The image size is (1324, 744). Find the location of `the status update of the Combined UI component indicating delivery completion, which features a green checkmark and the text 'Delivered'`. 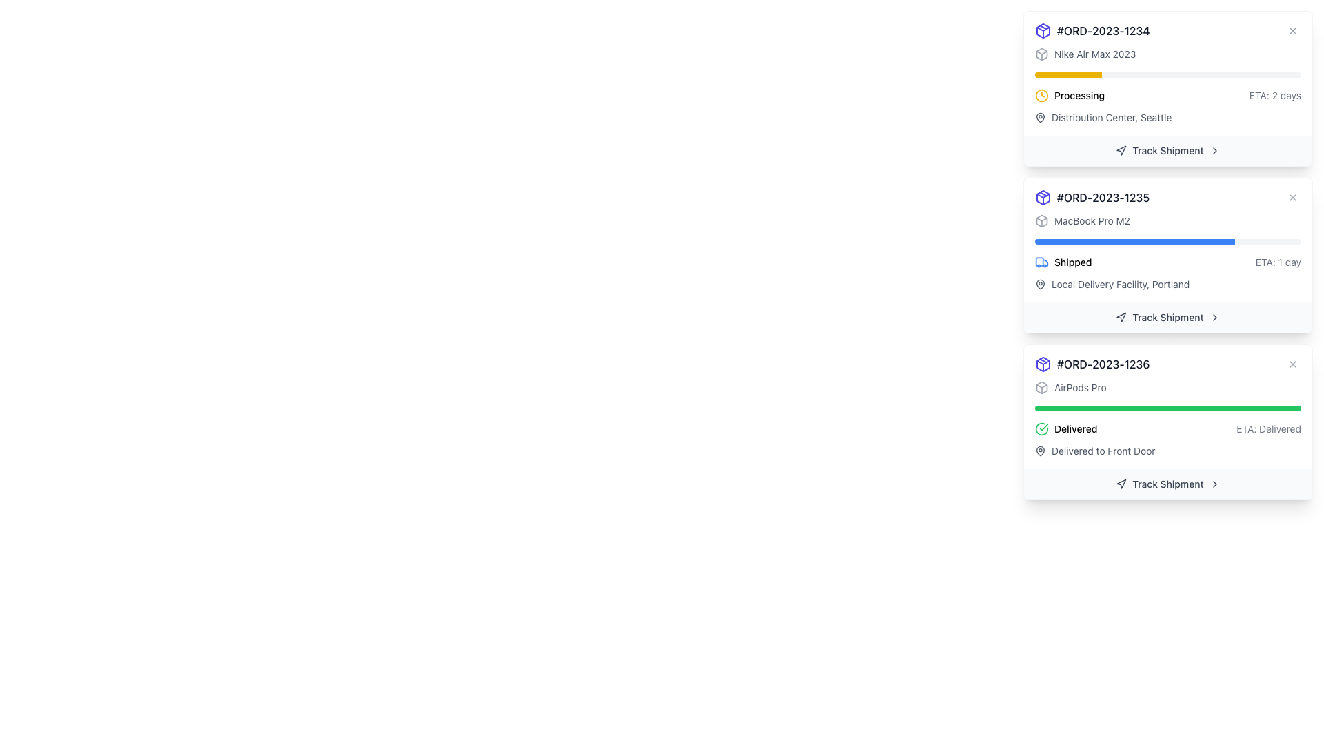

the status update of the Combined UI component indicating delivery completion, which features a green checkmark and the text 'Delivered' is located at coordinates (1065, 428).